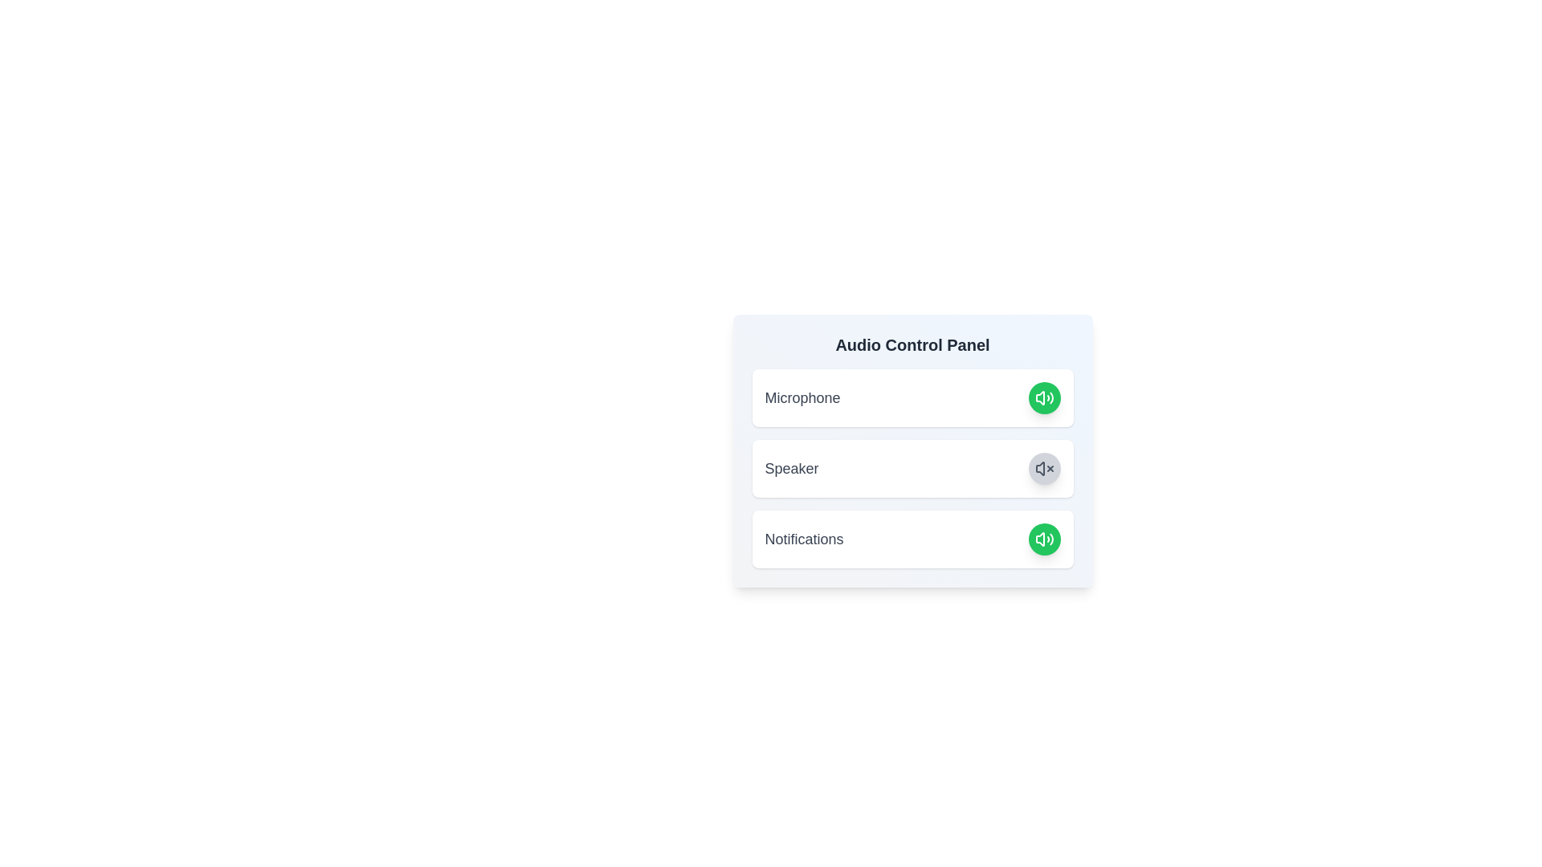  Describe the element at coordinates (912, 468) in the screenshot. I see `the 'Speaker' control panel section in the Audio Control Panel` at that location.